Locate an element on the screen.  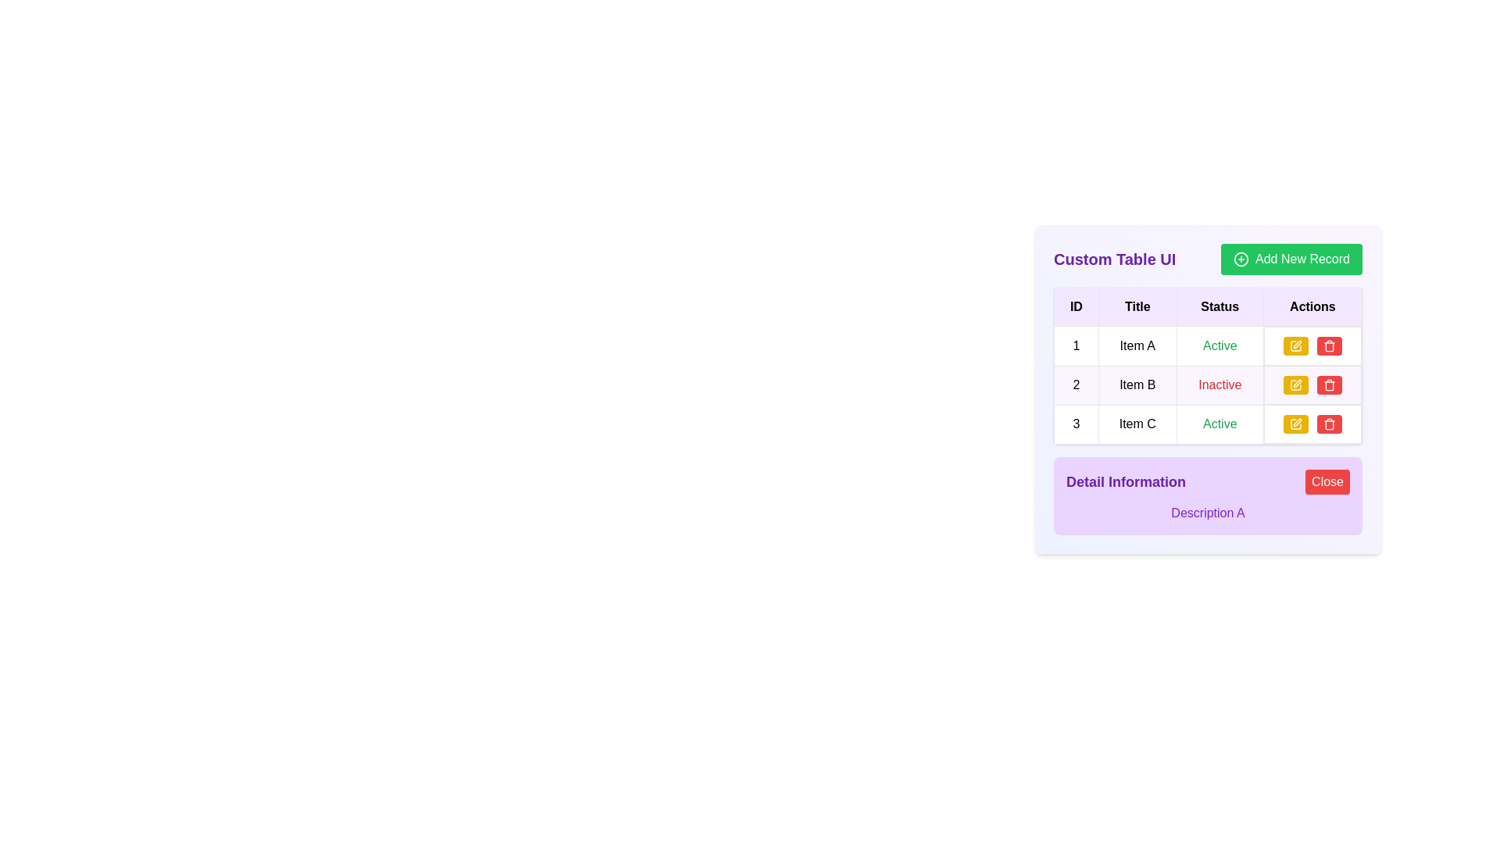
the 'Active' text label in green located in the third row under the 'Status' column of the table, adjacent to 'Item C' and the 'Actions' buttons is located at coordinates (1219, 424).